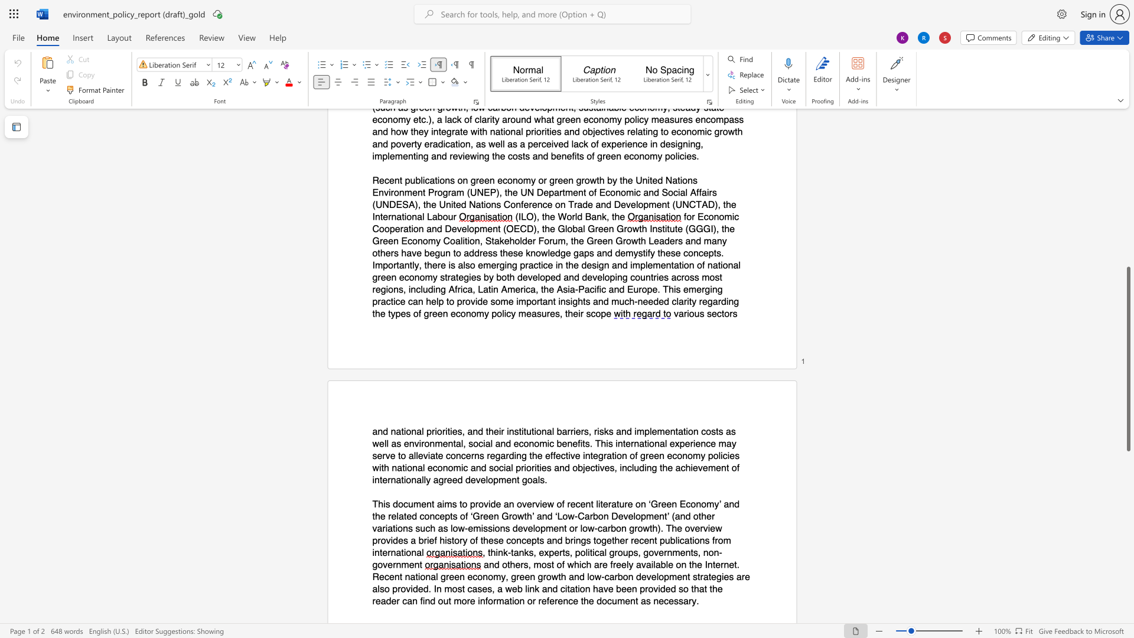 Image resolution: width=1134 pixels, height=638 pixels. What do you see at coordinates (1128, 135) in the screenshot?
I see `the scrollbar to adjust the page upward` at bounding box center [1128, 135].